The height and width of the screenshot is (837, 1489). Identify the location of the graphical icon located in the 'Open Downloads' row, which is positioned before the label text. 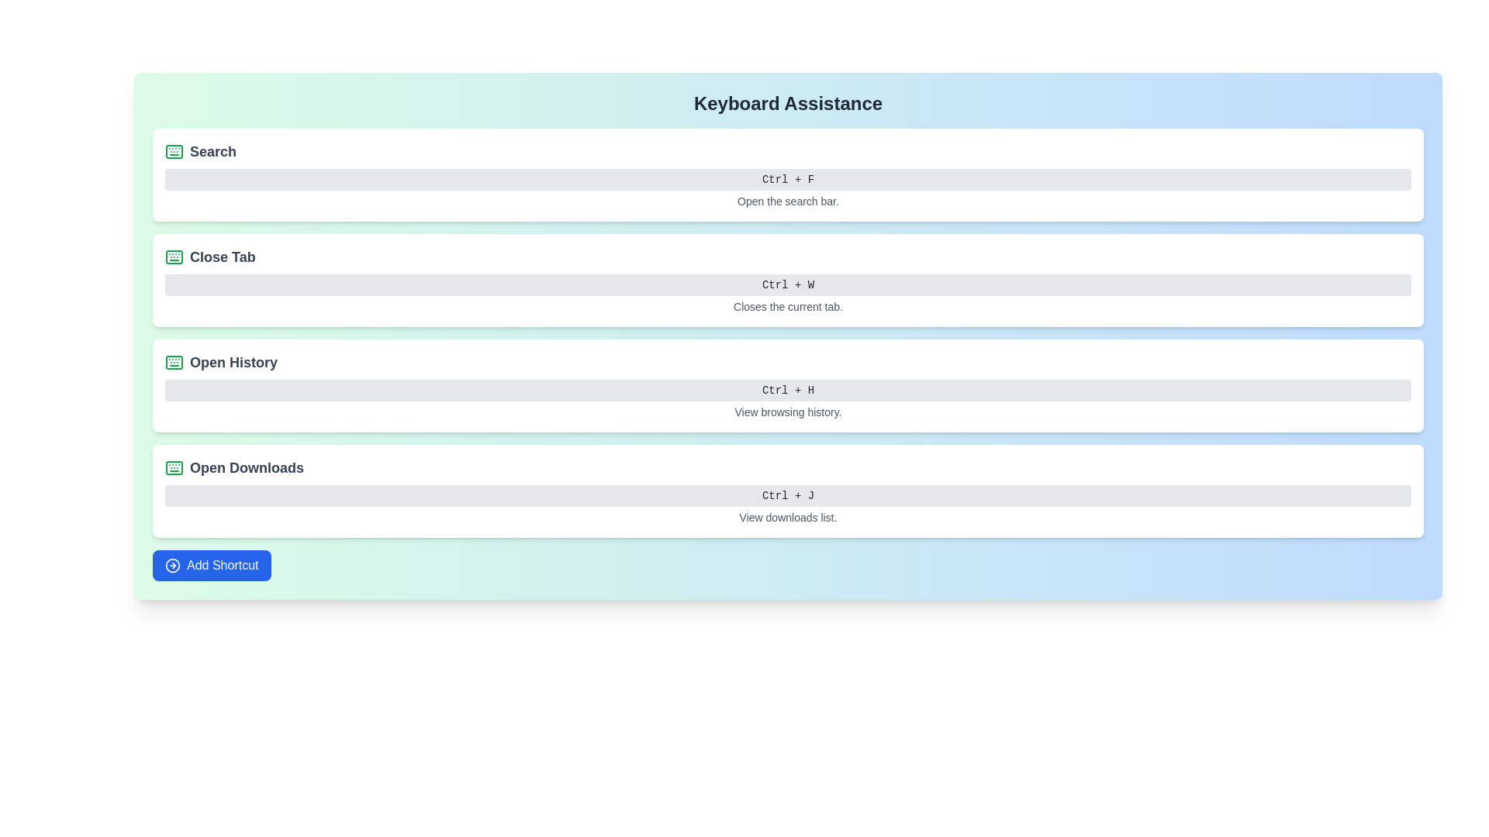
(174, 467).